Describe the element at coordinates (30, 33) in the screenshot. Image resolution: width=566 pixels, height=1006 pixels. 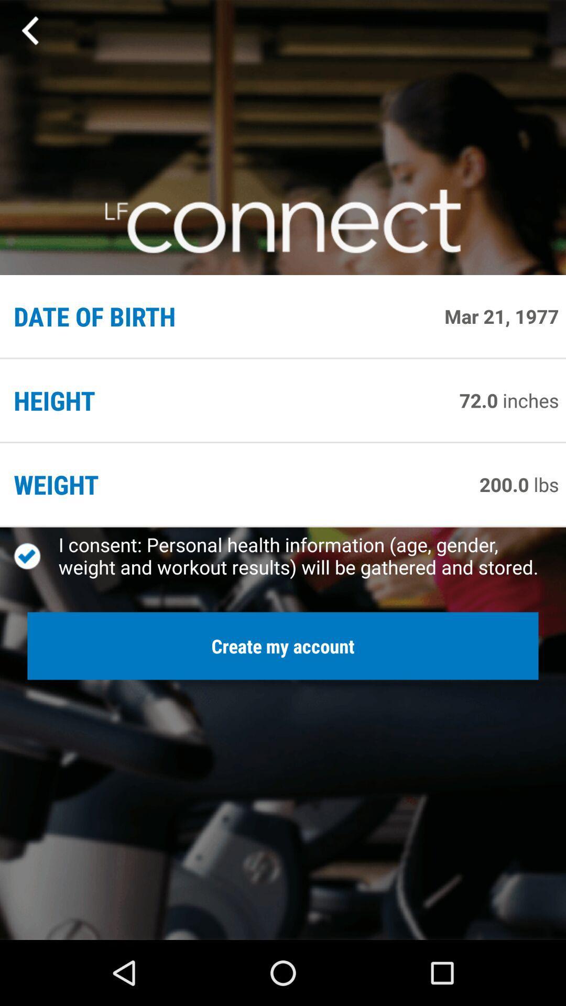
I see `the arrow_backward icon` at that location.